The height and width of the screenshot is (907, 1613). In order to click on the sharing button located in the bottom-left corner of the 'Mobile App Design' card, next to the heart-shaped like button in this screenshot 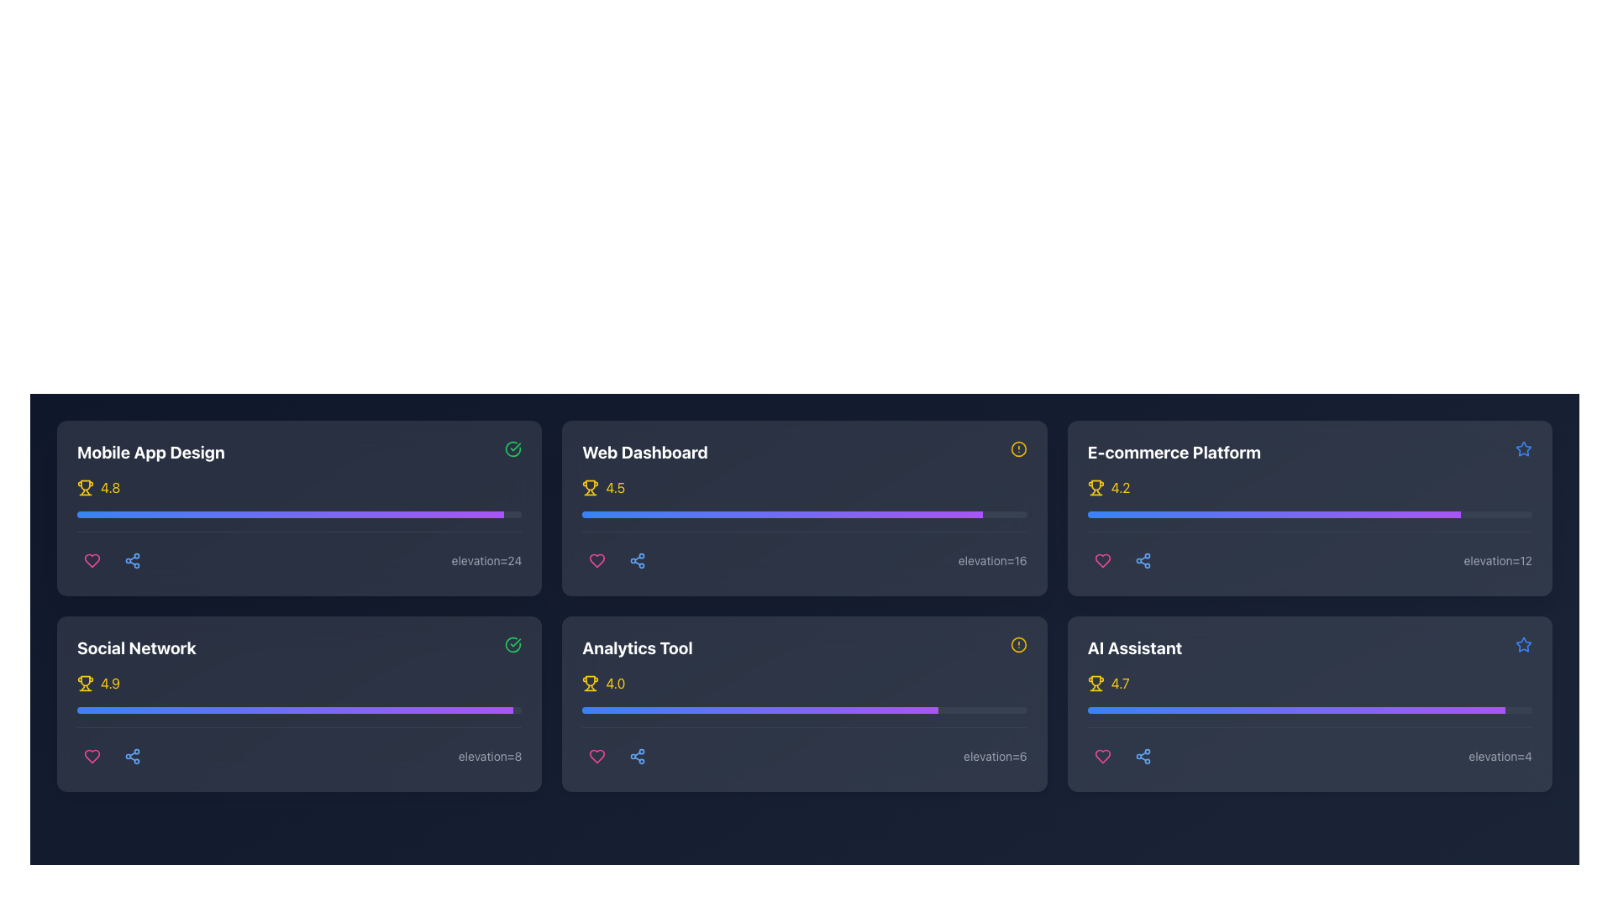, I will do `click(132, 560)`.